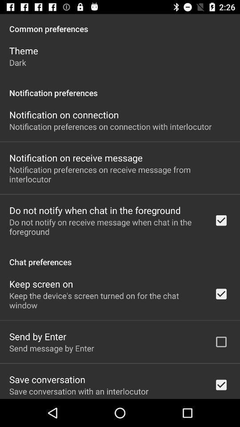  What do you see at coordinates (120, 257) in the screenshot?
I see `app below do not notify icon` at bounding box center [120, 257].